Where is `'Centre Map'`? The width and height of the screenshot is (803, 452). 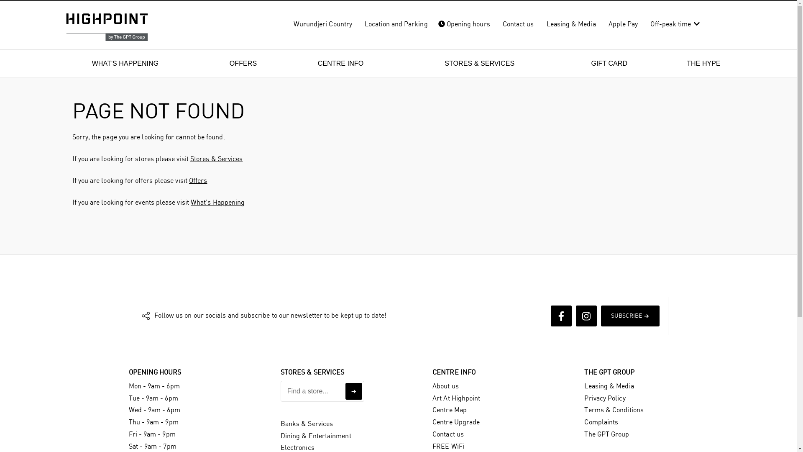 'Centre Map' is located at coordinates (449, 410).